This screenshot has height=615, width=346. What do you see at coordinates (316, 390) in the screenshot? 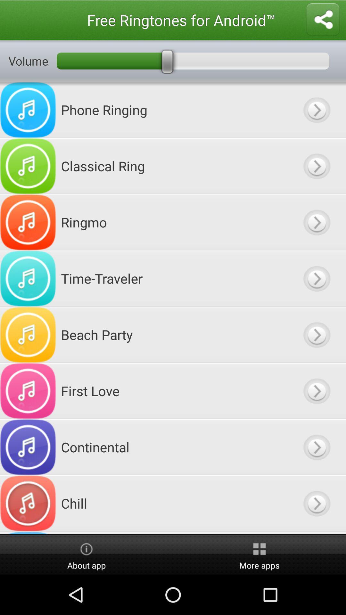
I see `downloads ringtone` at bounding box center [316, 390].